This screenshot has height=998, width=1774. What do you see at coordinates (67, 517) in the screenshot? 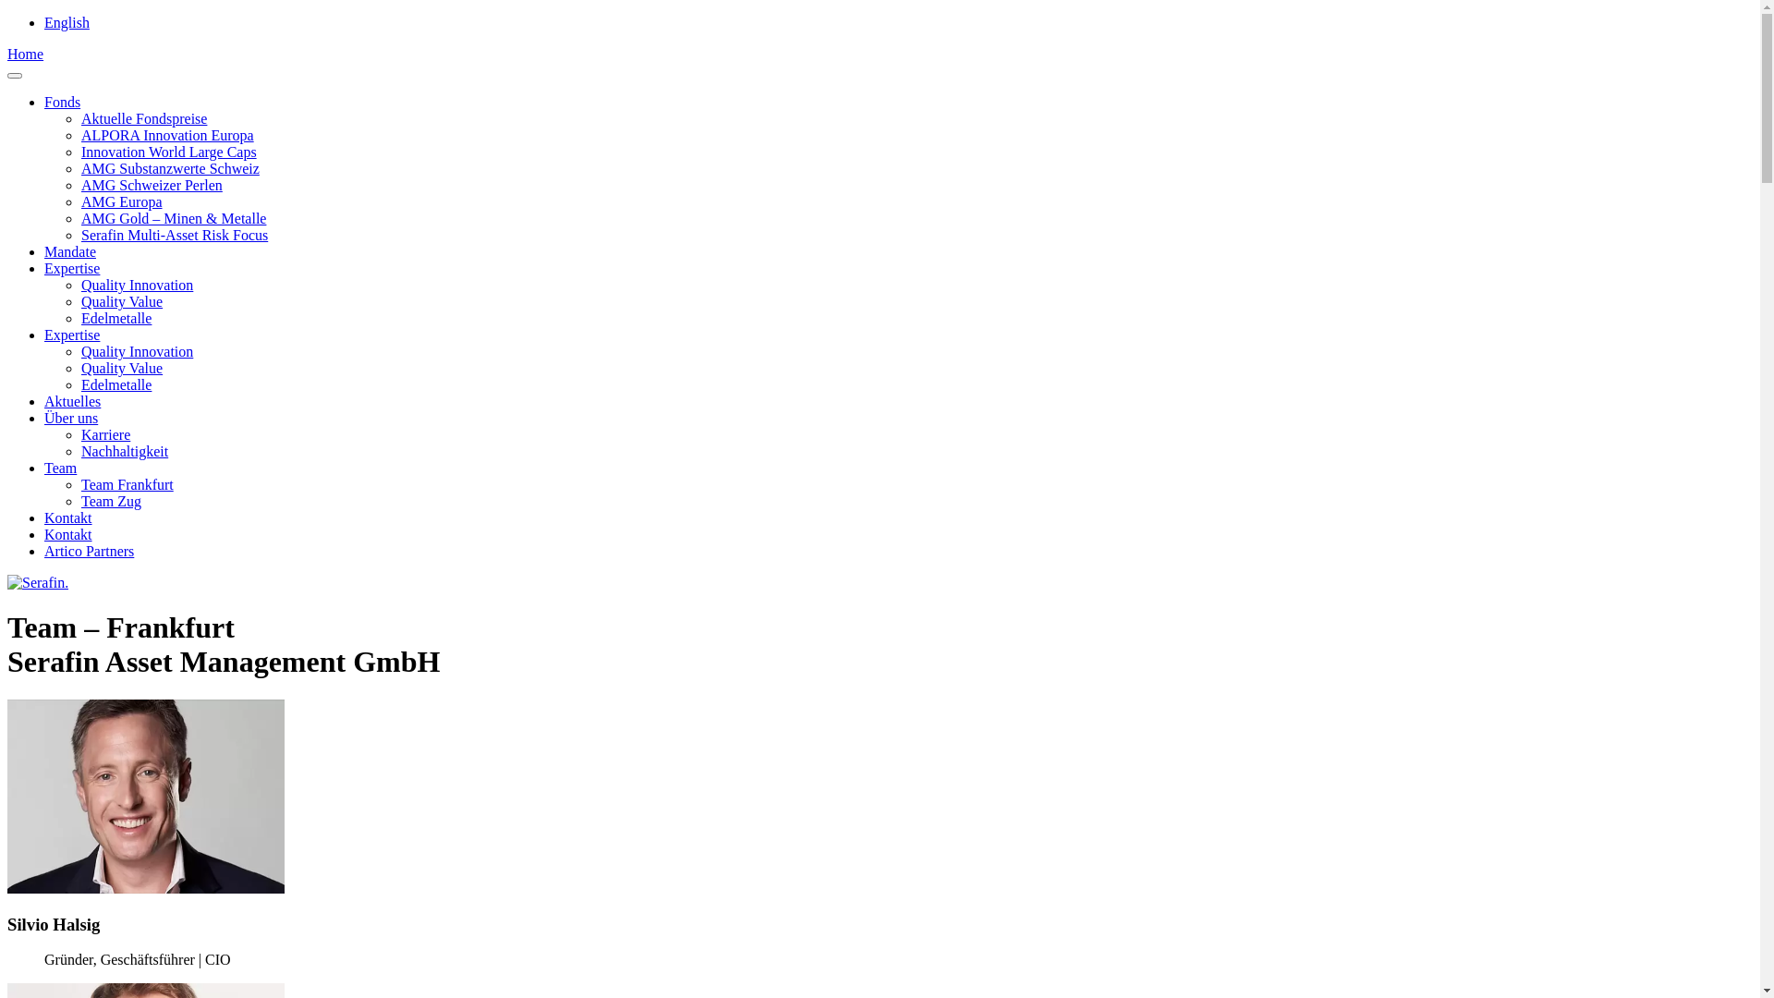
I see `'Kontakt'` at bounding box center [67, 517].